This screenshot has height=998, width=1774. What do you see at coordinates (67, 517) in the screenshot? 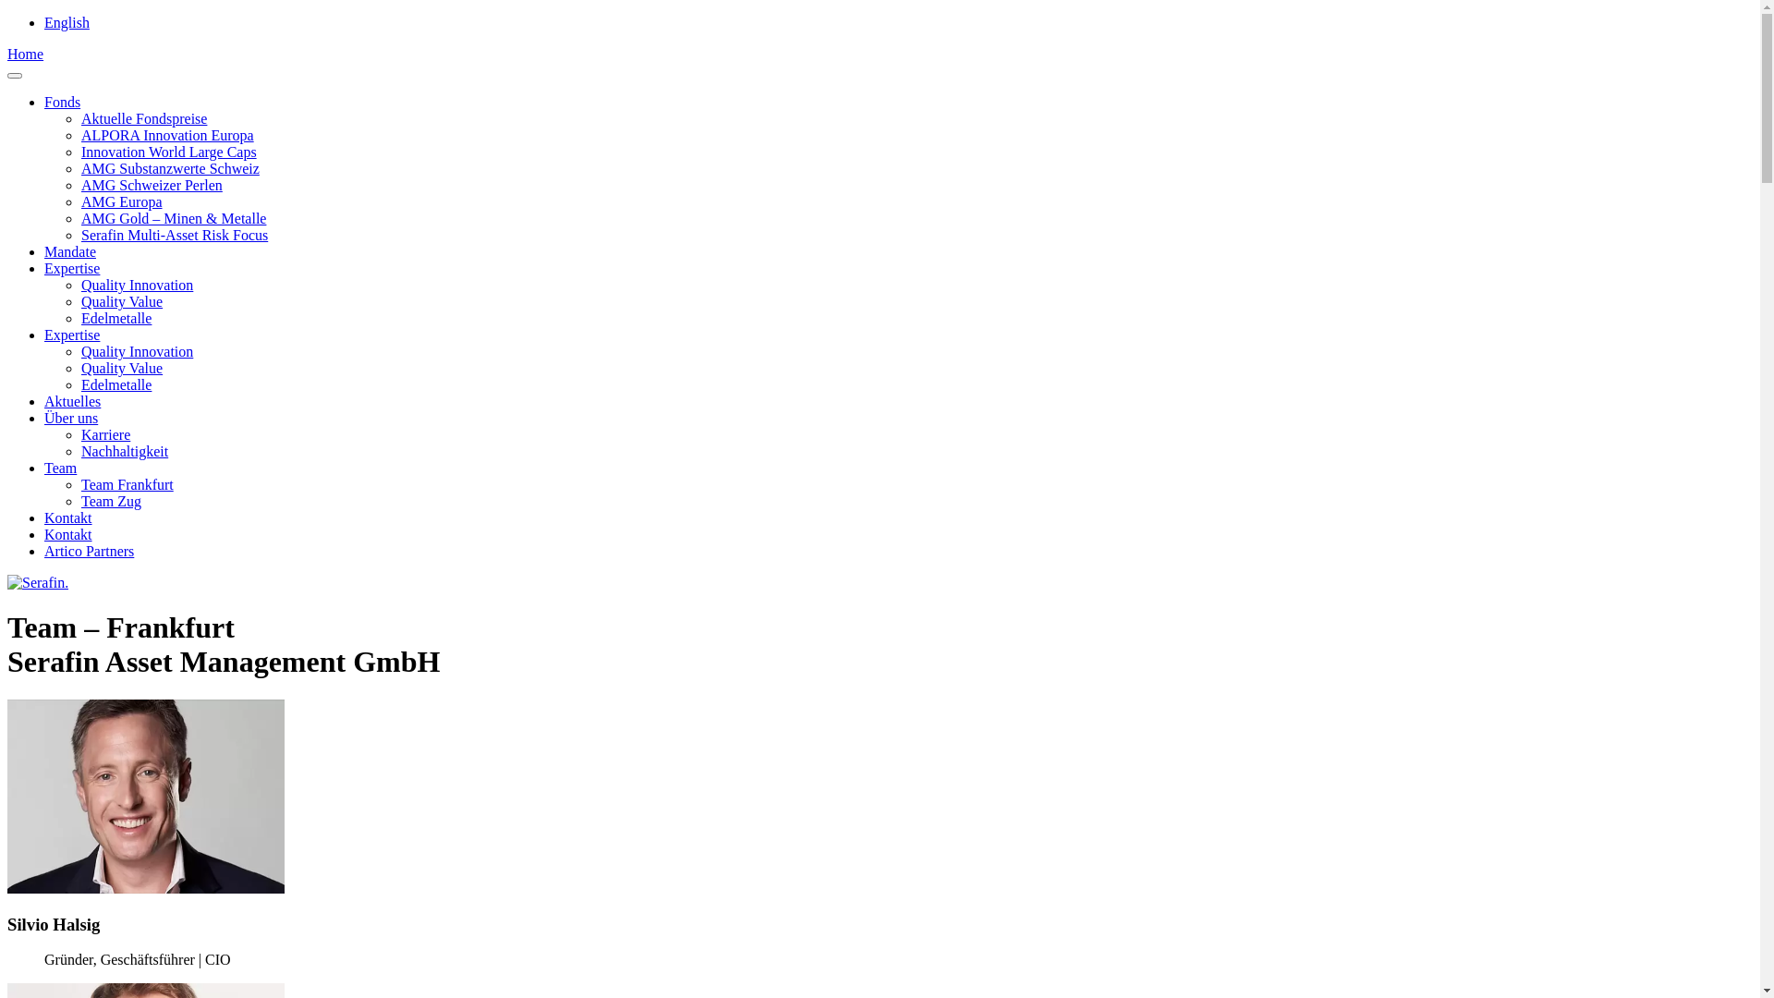
I see `'Kontakt'` at bounding box center [67, 517].